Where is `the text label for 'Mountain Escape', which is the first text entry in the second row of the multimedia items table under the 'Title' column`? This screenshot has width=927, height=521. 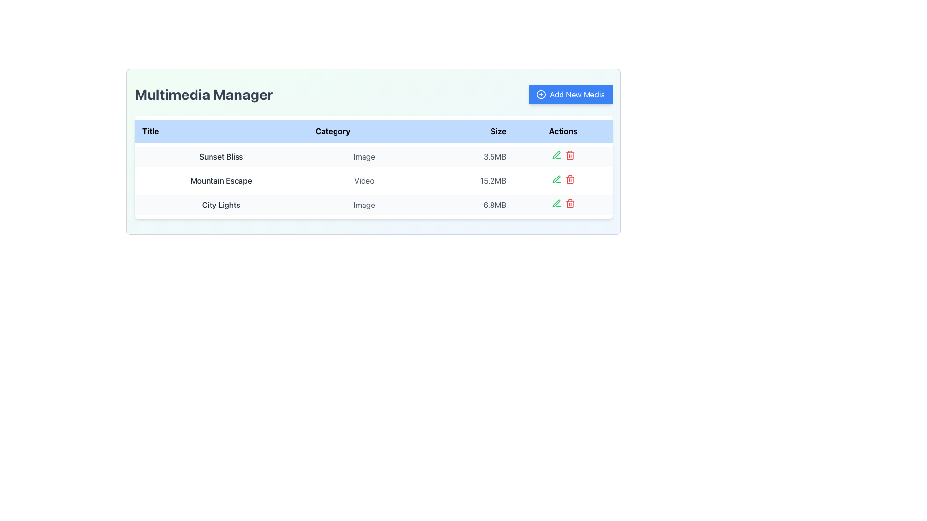
the text label for 'Mountain Escape', which is the first text entry in the second row of the multimedia items table under the 'Title' column is located at coordinates (221, 180).